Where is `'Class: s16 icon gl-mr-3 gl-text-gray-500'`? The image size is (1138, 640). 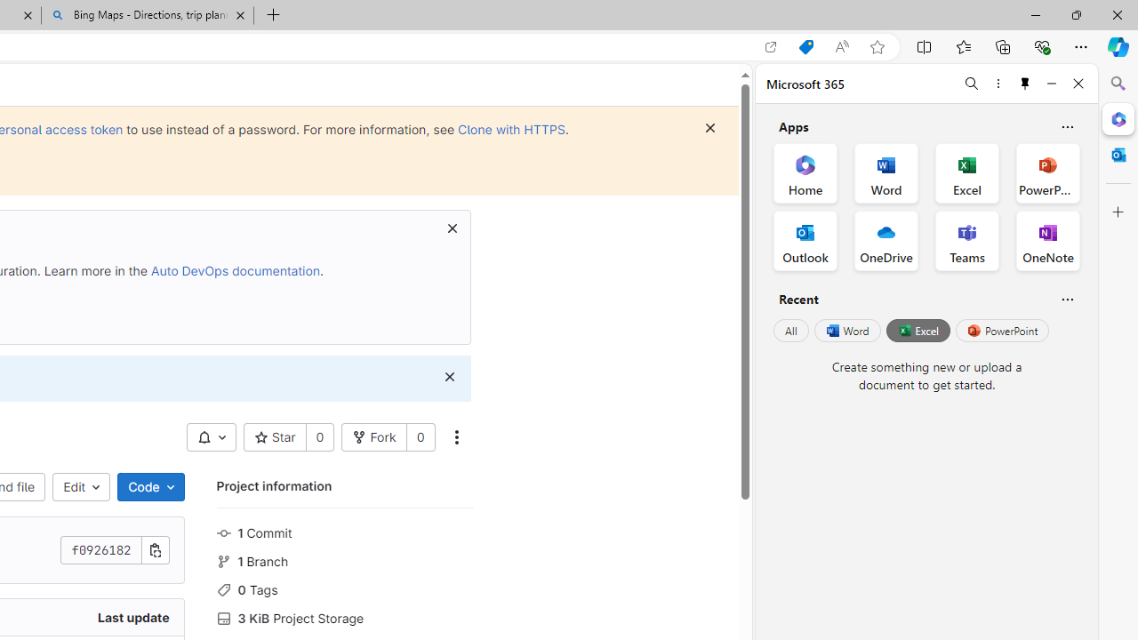
'Class: s16 icon gl-mr-3 gl-text-gray-500' is located at coordinates (222, 618).